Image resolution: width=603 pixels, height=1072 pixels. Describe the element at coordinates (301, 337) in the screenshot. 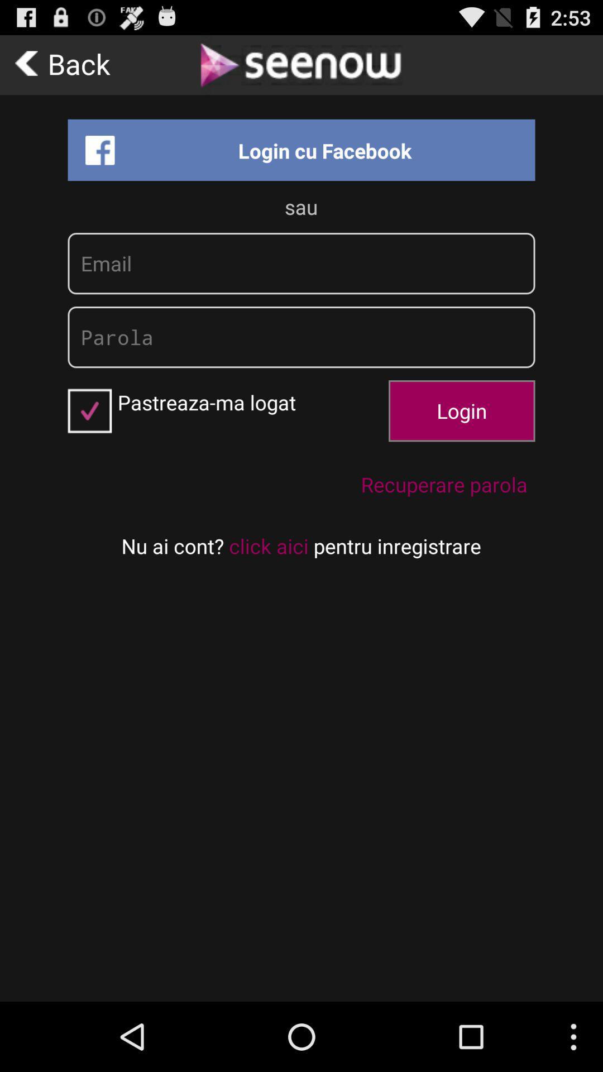

I see `password` at that location.